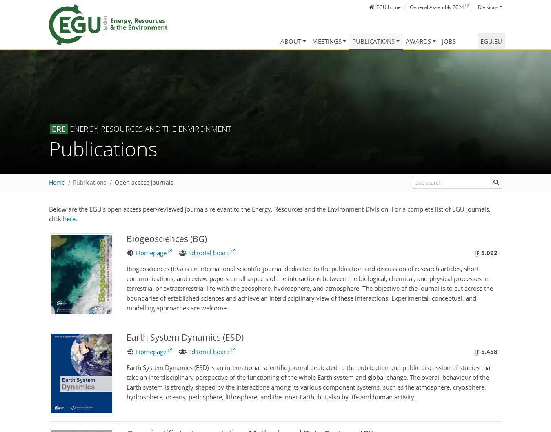 The height and width of the screenshot is (432, 551). What do you see at coordinates (442, 41) in the screenshot?
I see `'Jobs'` at bounding box center [442, 41].